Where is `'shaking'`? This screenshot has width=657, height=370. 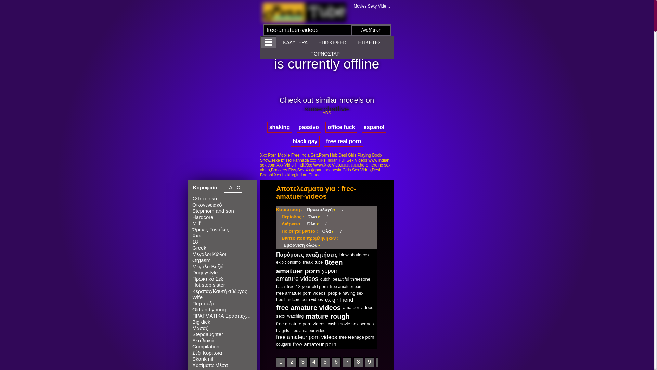 'shaking' is located at coordinates (279, 127).